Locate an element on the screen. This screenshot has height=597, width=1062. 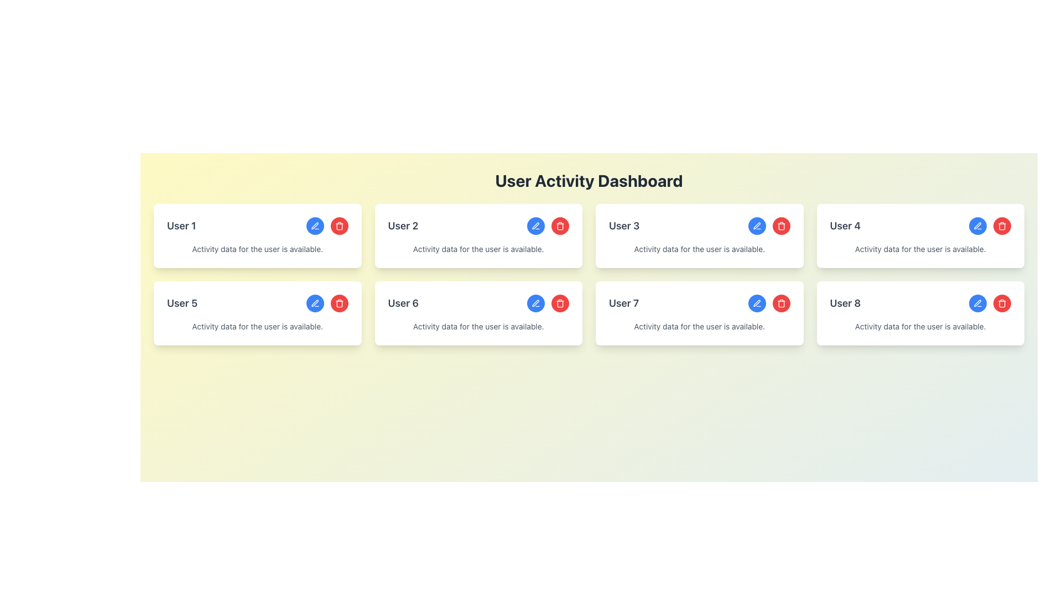
the circular blue button with a light pencil icon located in the top-right corner of the card labeled 'User 2' to observe its visual changes is located at coordinates (536, 225).